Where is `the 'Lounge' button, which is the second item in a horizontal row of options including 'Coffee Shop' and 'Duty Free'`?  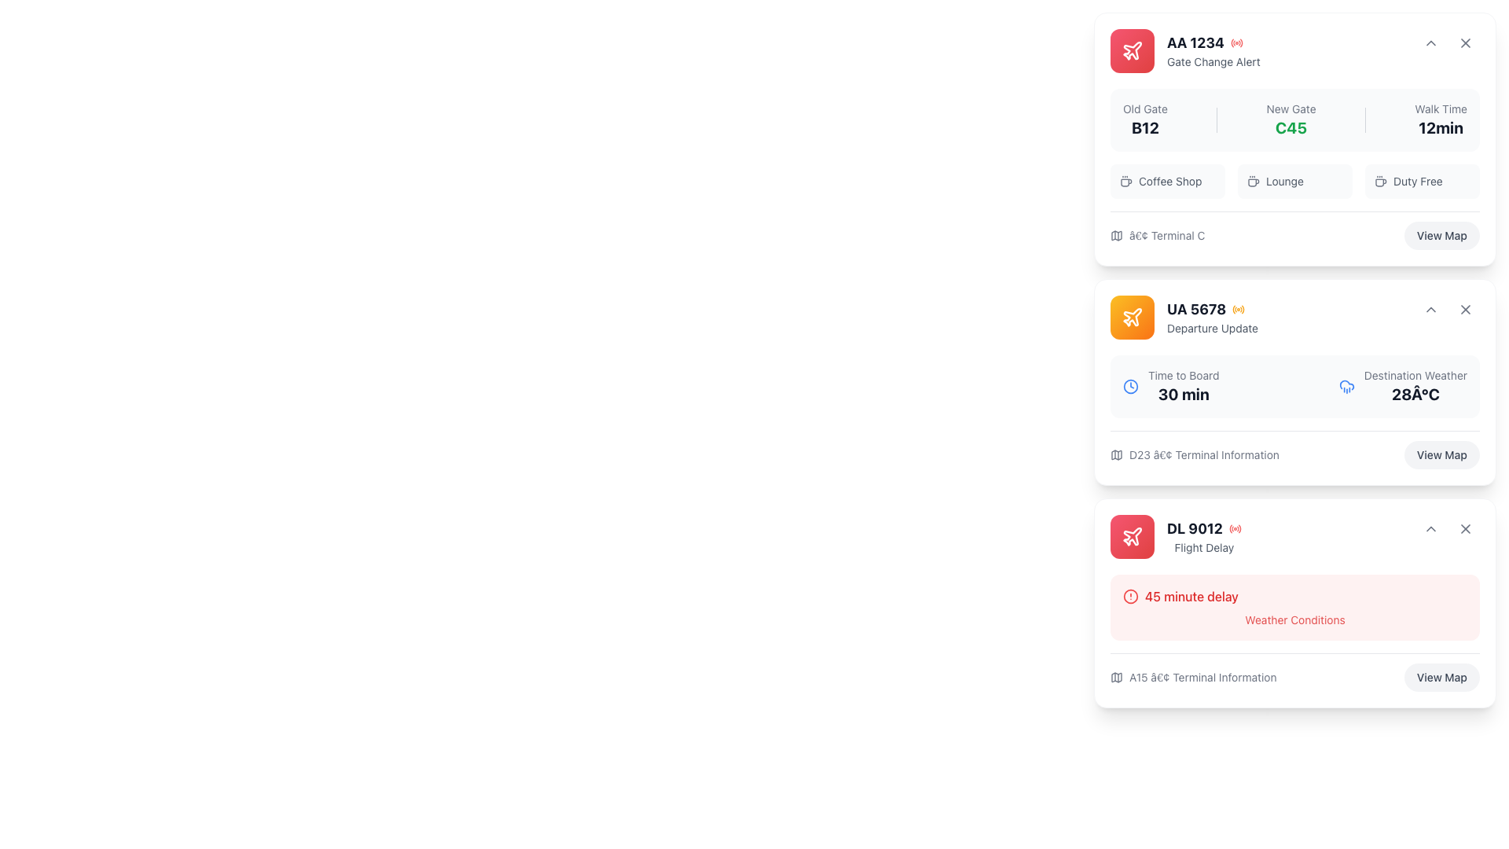 the 'Lounge' button, which is the second item in a horizontal row of options including 'Coffee Shop' and 'Duty Free' is located at coordinates (1294, 181).